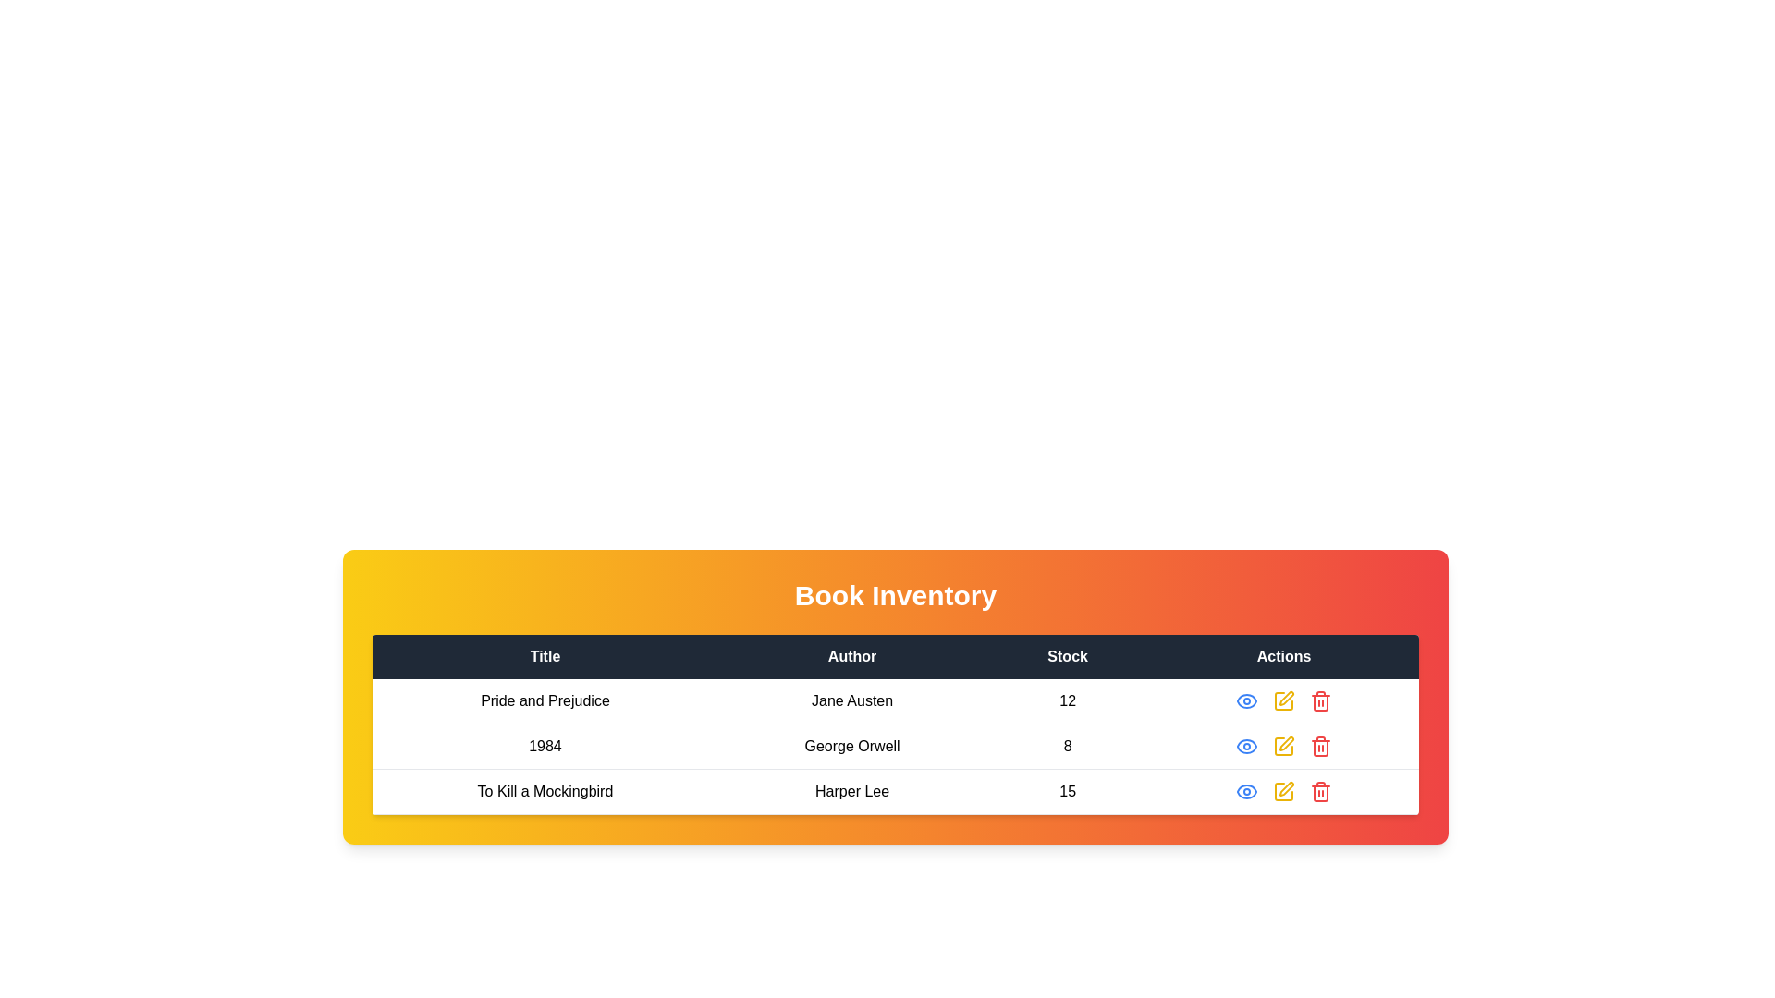  I want to click on the eye icon button located in the 'Actions' column of the third row of the table, so click(1246, 790).